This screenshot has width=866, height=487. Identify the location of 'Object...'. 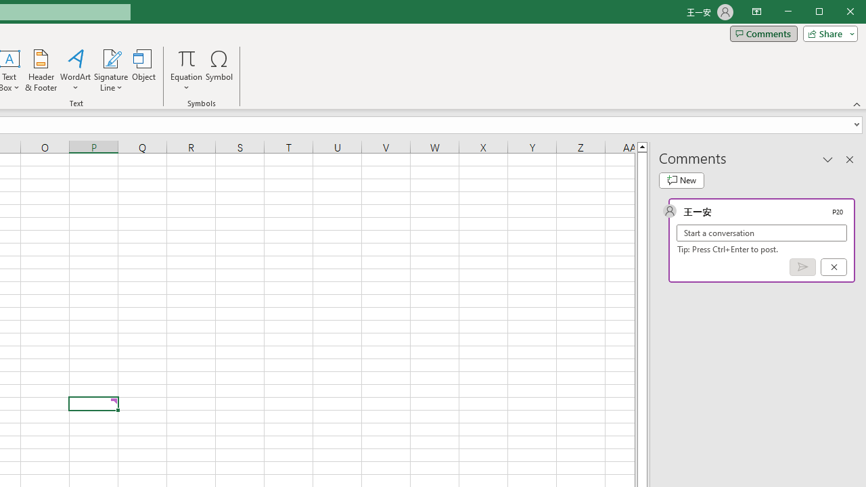
(144, 70).